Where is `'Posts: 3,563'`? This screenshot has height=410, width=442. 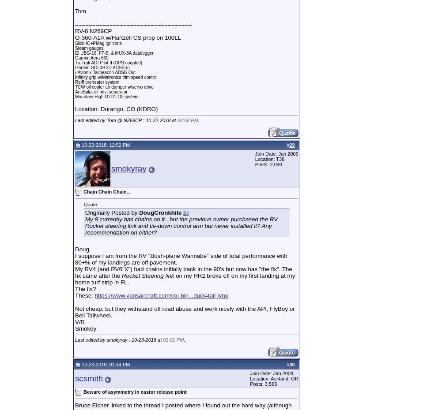
'Posts: 3,563' is located at coordinates (263, 384).